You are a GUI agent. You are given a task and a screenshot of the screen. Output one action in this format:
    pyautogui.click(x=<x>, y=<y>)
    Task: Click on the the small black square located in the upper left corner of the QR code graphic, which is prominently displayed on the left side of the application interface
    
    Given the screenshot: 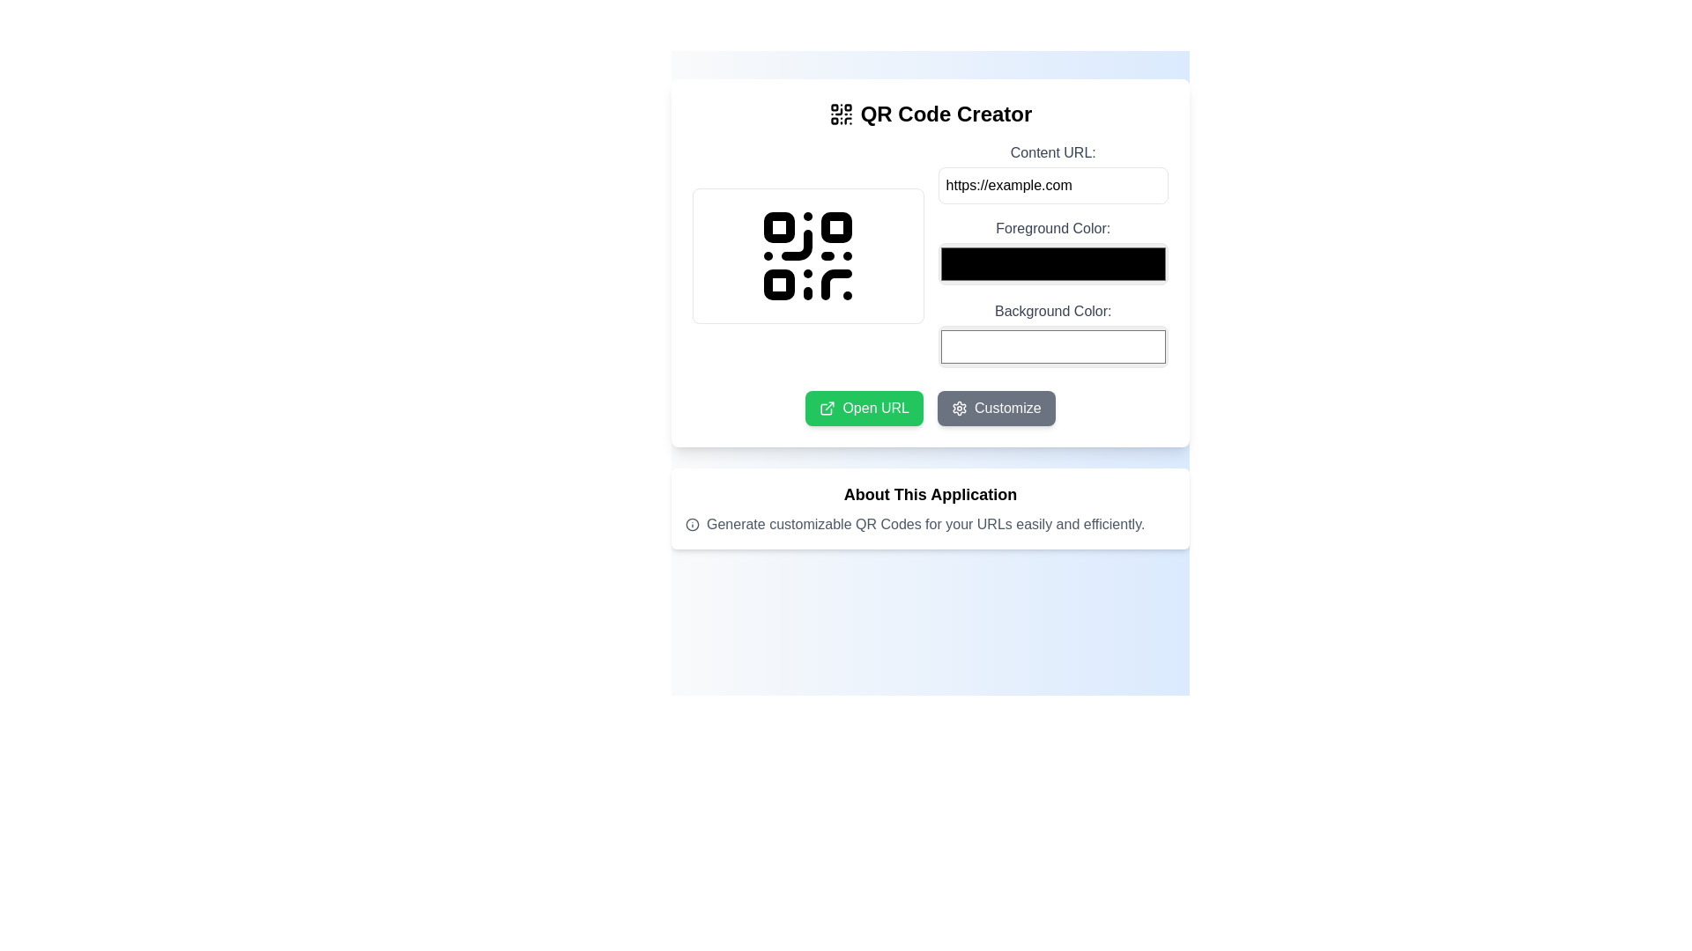 What is the action you would take?
    pyautogui.click(x=778, y=226)
    